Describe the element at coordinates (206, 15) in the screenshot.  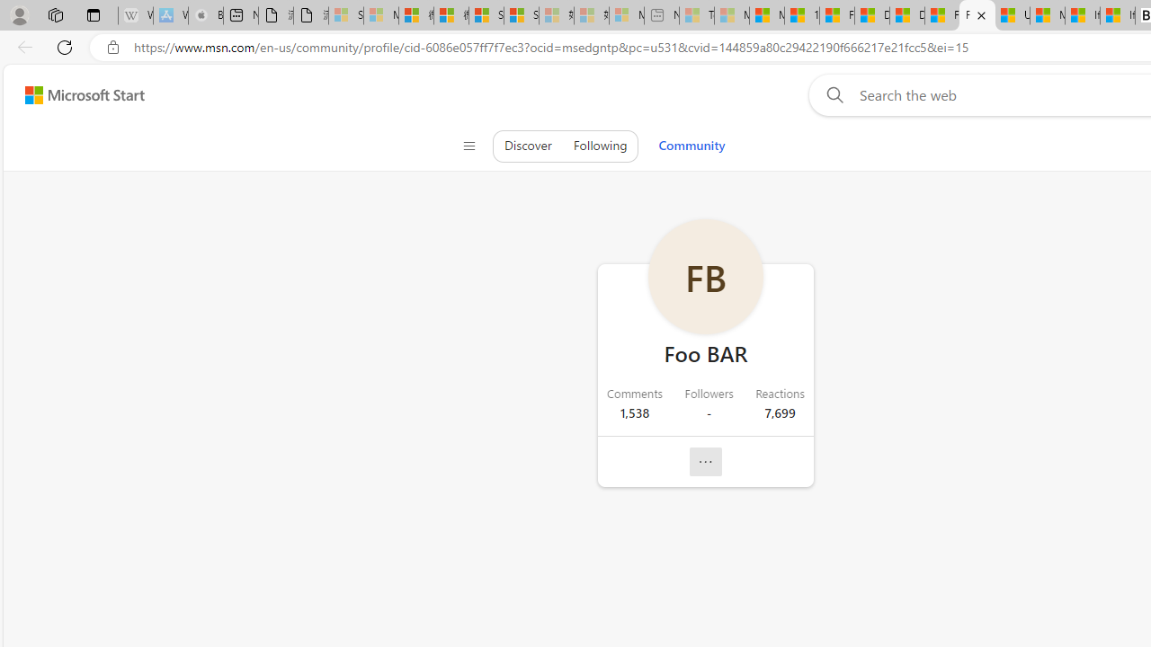
I see `'Buy iPad - Apple - Sleeping'` at that location.